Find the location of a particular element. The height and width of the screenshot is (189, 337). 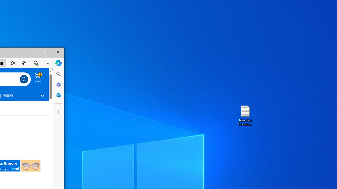

'Close Search pane' is located at coordinates (58, 74).